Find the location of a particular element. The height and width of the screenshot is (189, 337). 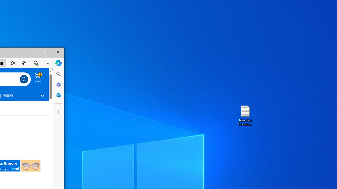

'Close Search pane' is located at coordinates (58, 74).